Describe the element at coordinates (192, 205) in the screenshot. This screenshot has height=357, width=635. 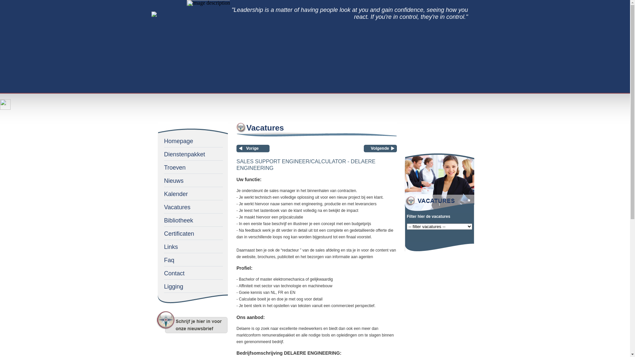
I see `'Vacatures'` at that location.